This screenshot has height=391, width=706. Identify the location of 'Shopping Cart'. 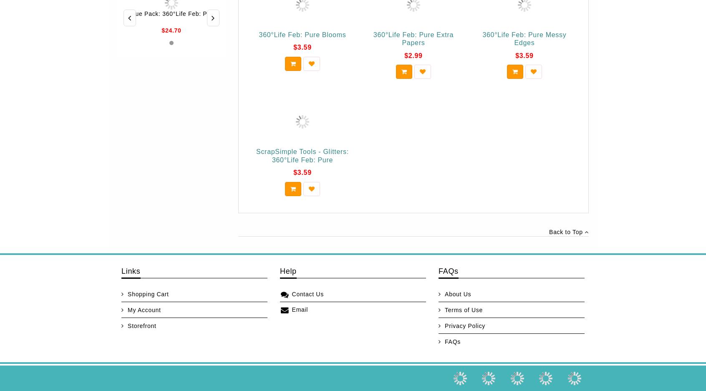
(127, 294).